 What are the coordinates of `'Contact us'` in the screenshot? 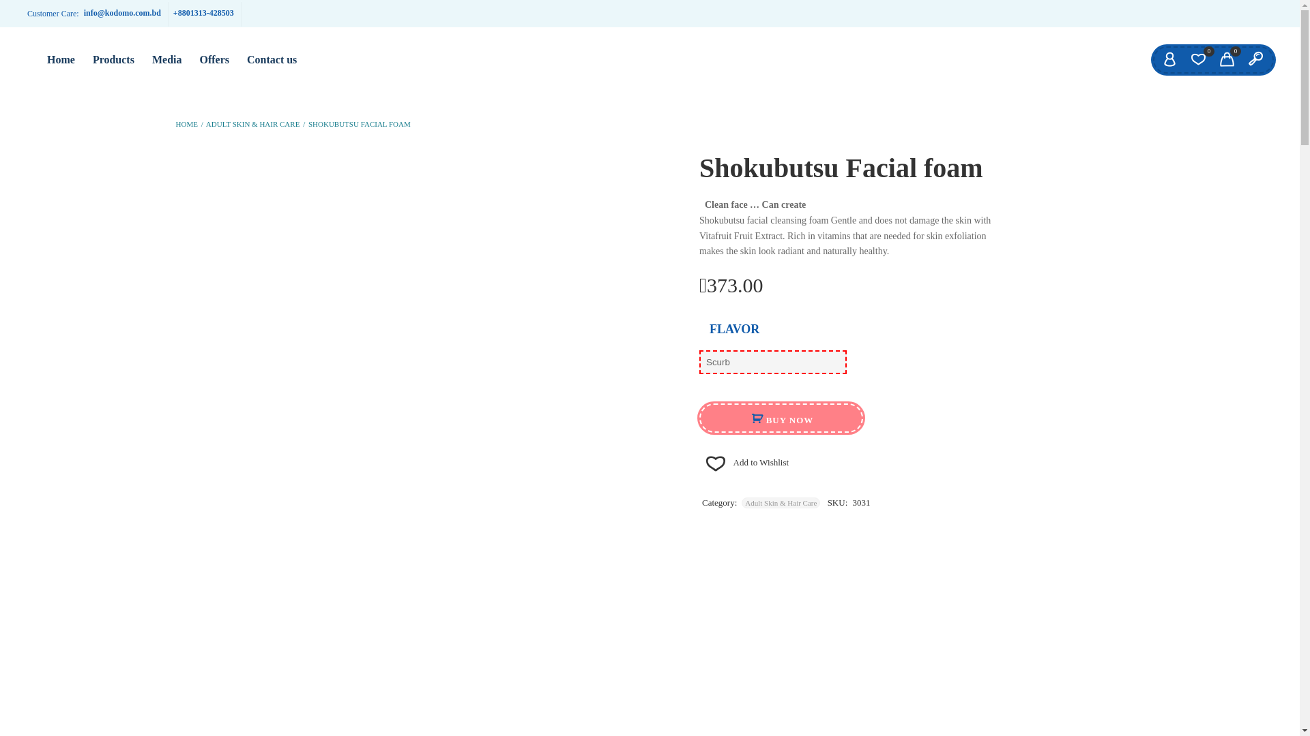 It's located at (272, 59).